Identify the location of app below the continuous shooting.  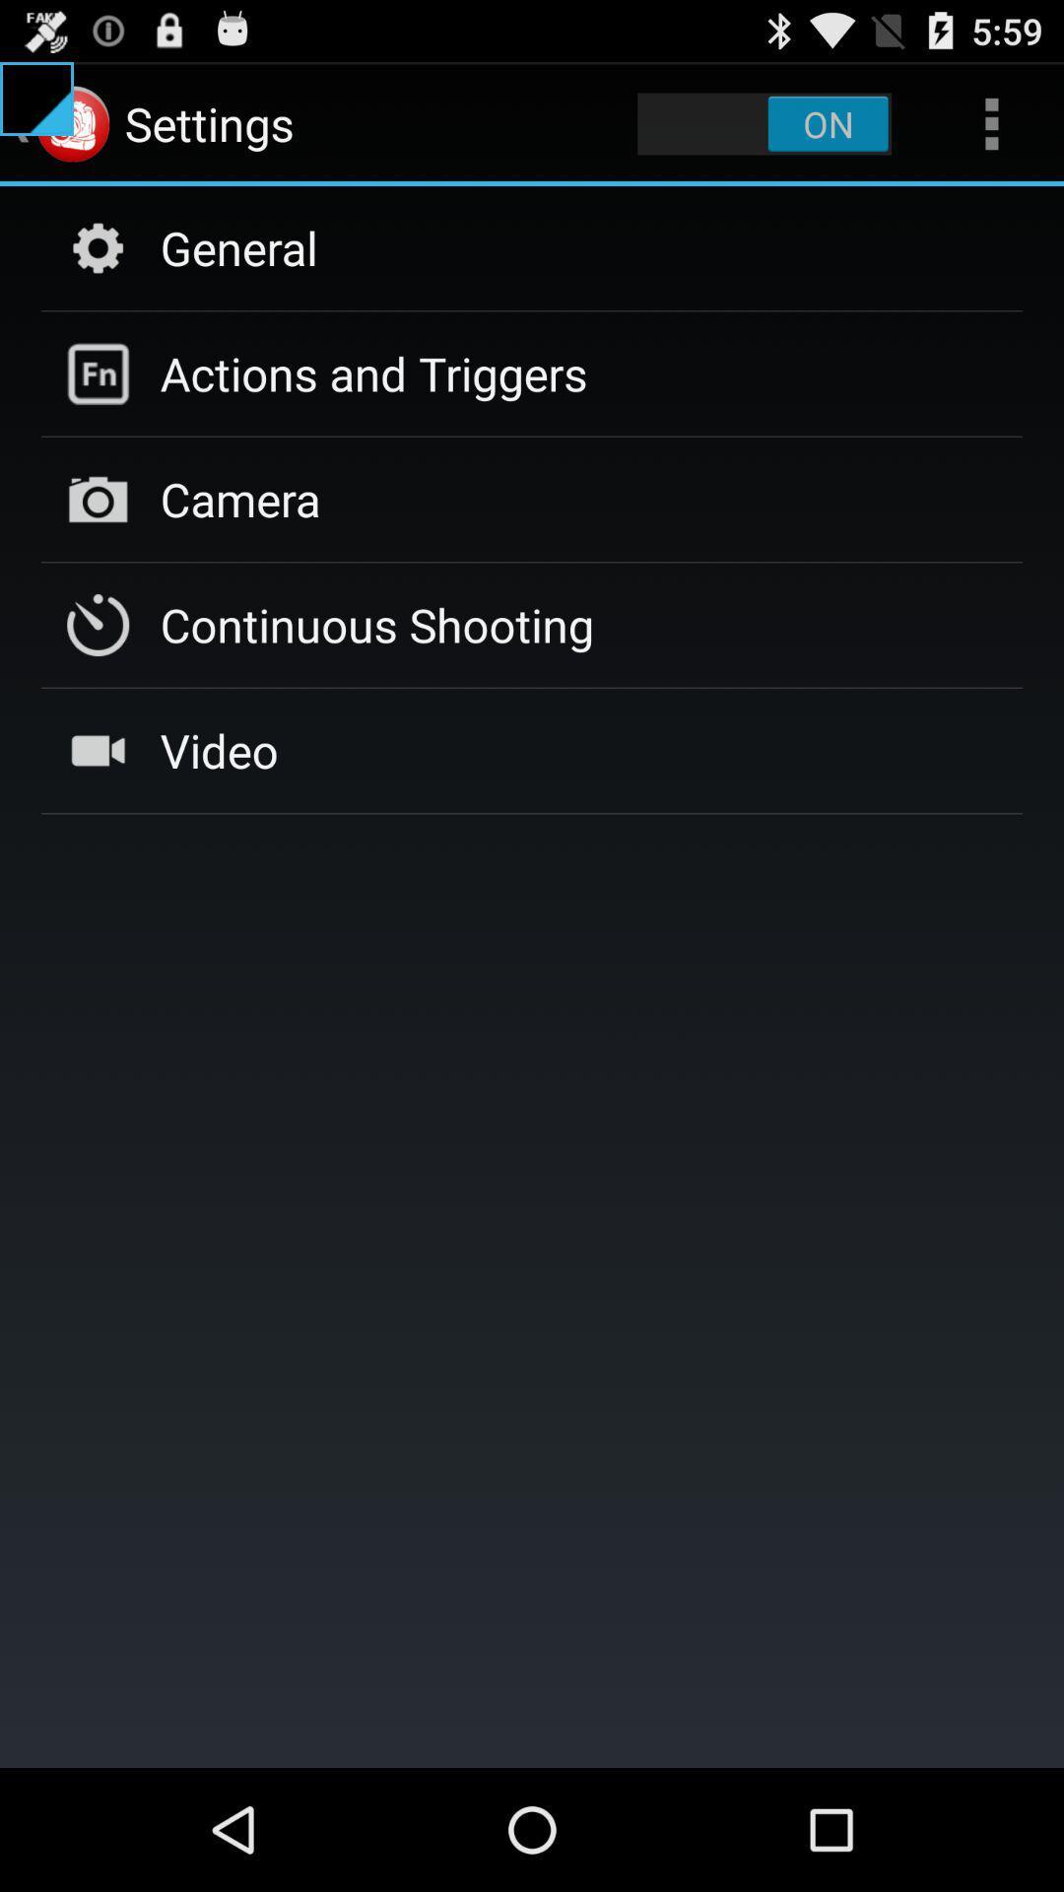
(219, 749).